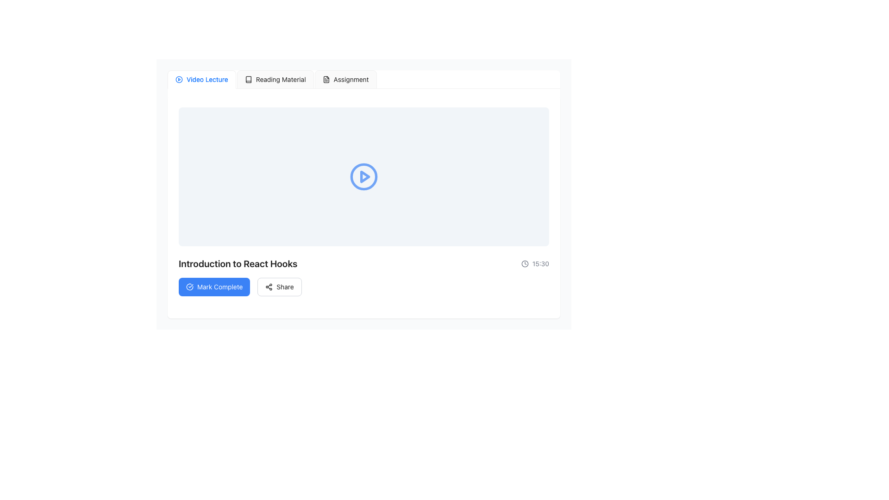 This screenshot has width=889, height=500. What do you see at coordinates (363, 176) in the screenshot?
I see `the play button icon, which is centrally located within a light gray rectangular area` at bounding box center [363, 176].